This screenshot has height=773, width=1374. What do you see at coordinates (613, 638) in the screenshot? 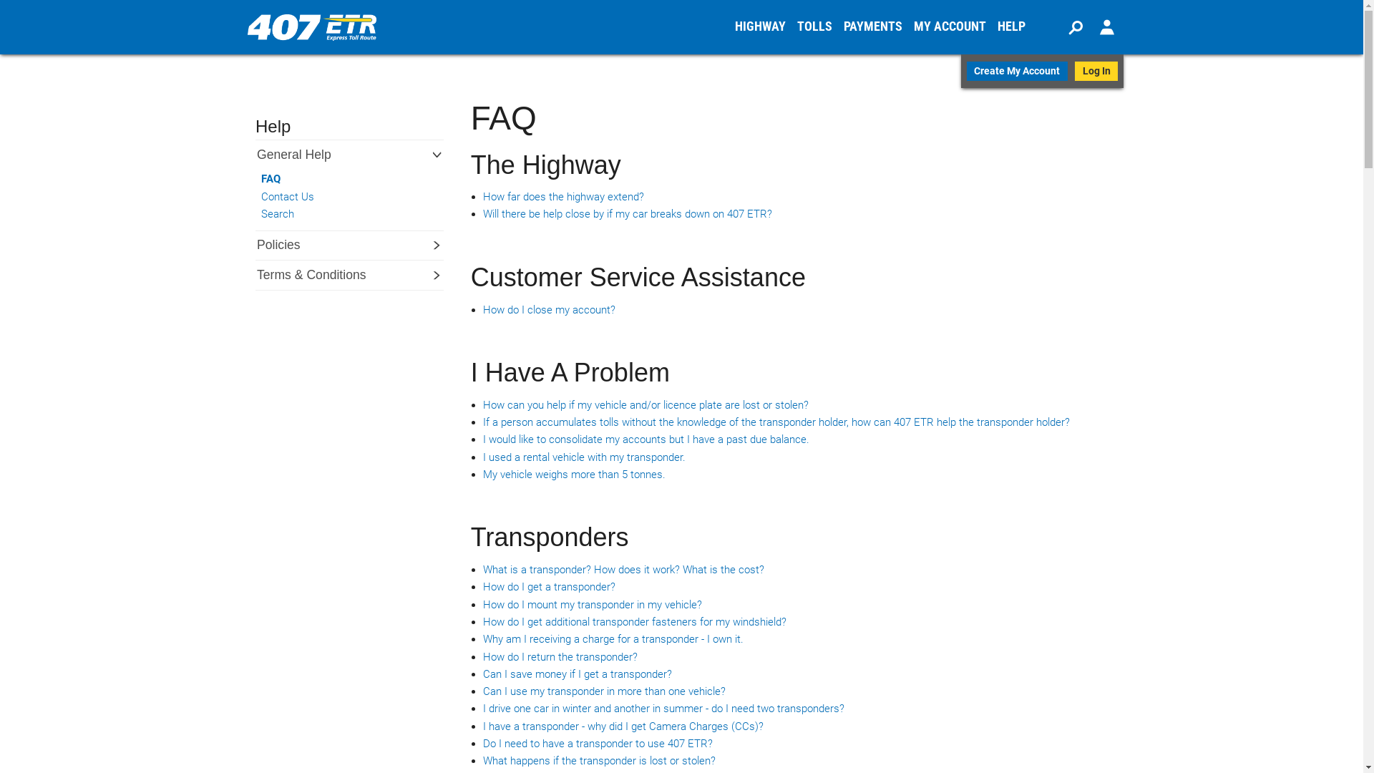
I see `'Why am I receiving a charge for a transponder - I own it.'` at bounding box center [613, 638].